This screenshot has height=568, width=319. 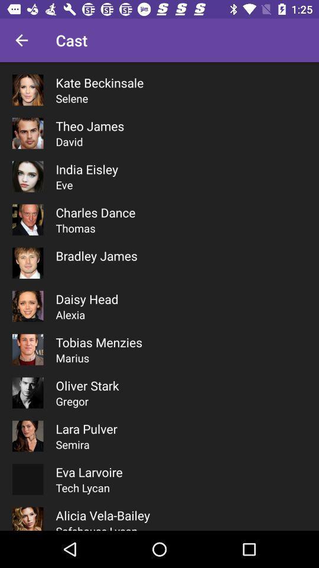 What do you see at coordinates (86, 169) in the screenshot?
I see `the india eisley` at bounding box center [86, 169].